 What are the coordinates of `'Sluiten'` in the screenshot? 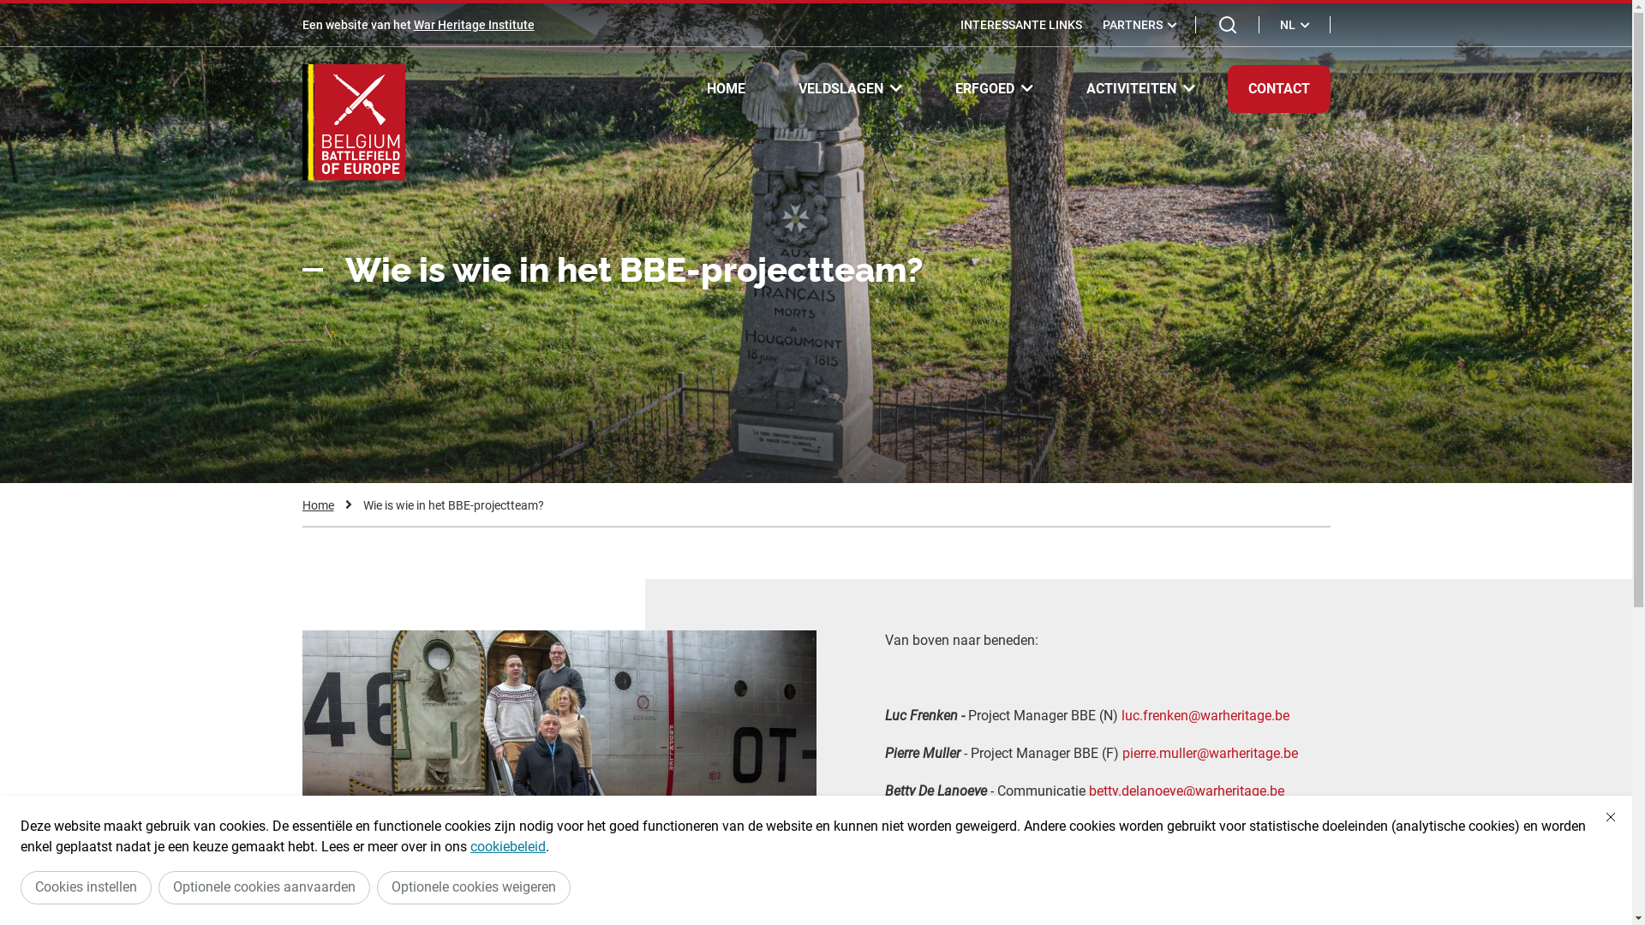 It's located at (1599, 815).